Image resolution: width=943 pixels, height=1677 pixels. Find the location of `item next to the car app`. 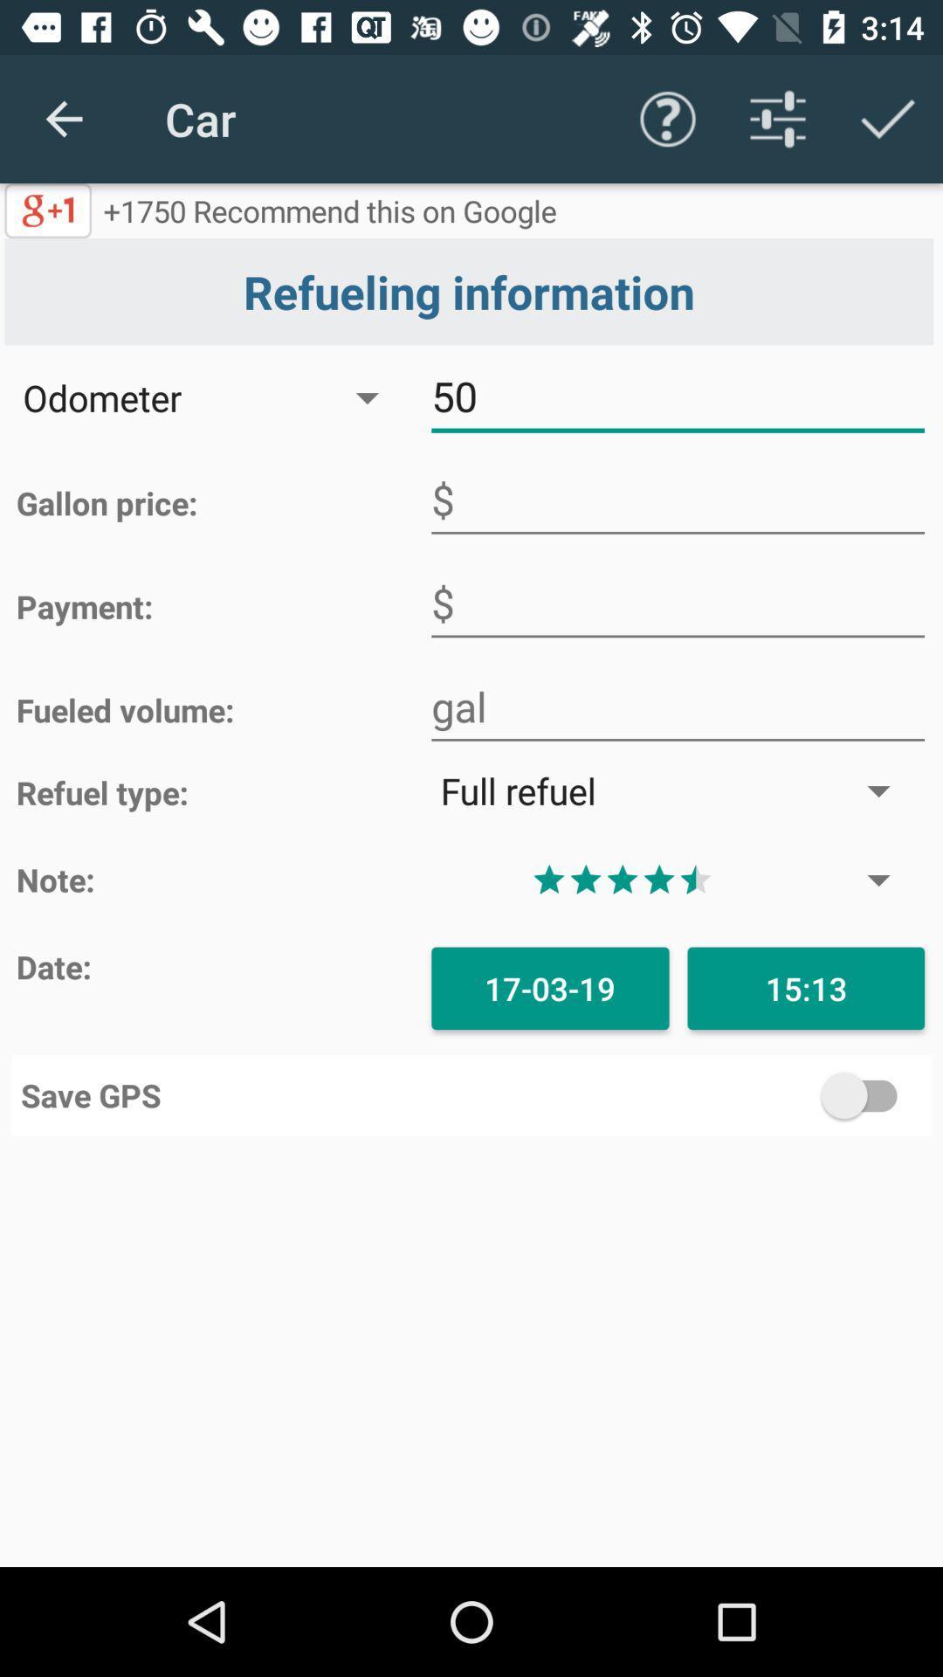

item next to the car app is located at coordinates (63, 118).